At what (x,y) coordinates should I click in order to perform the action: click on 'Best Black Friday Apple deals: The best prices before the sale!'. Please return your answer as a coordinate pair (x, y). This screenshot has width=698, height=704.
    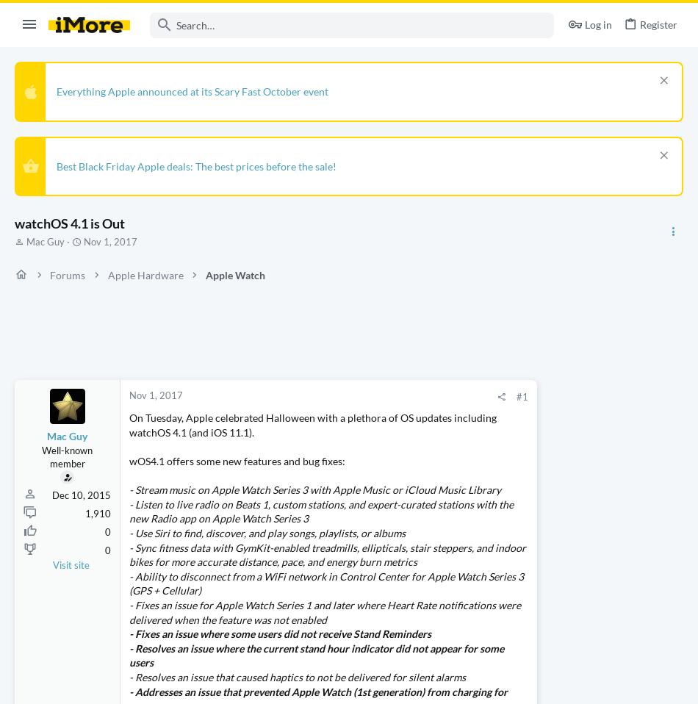
    Looking at the image, I should click on (195, 165).